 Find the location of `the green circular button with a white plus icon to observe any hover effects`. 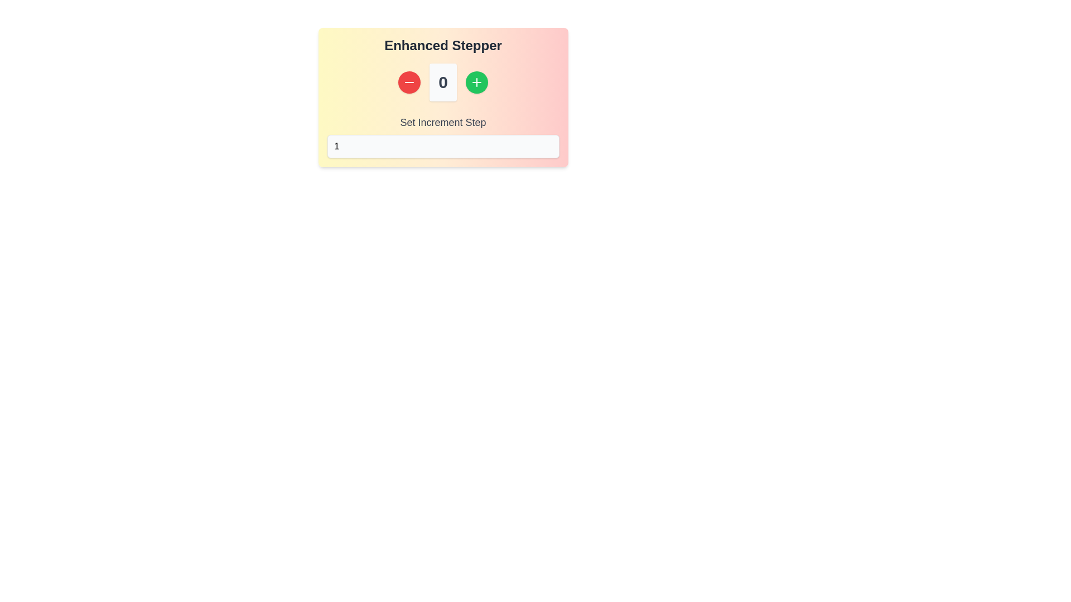

the green circular button with a white plus icon to observe any hover effects is located at coordinates (476, 81).